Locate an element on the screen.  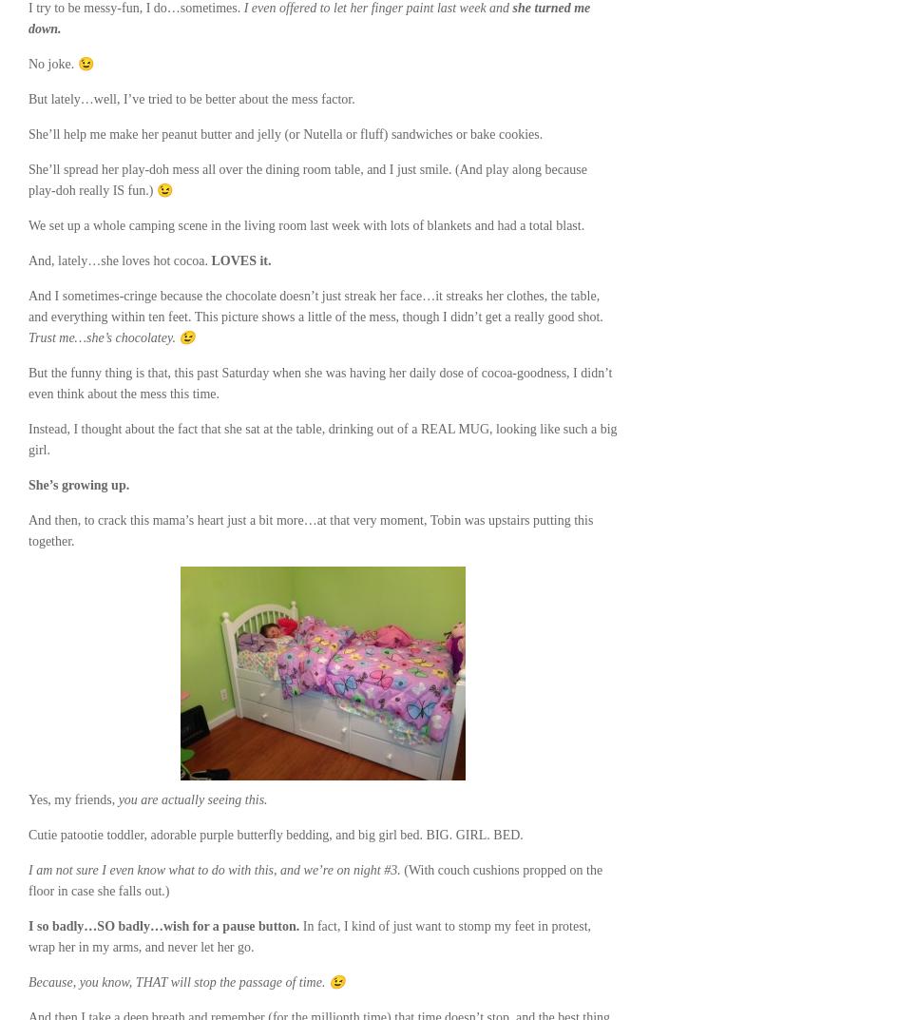
'Yes, my friends,' is located at coordinates (72, 799).